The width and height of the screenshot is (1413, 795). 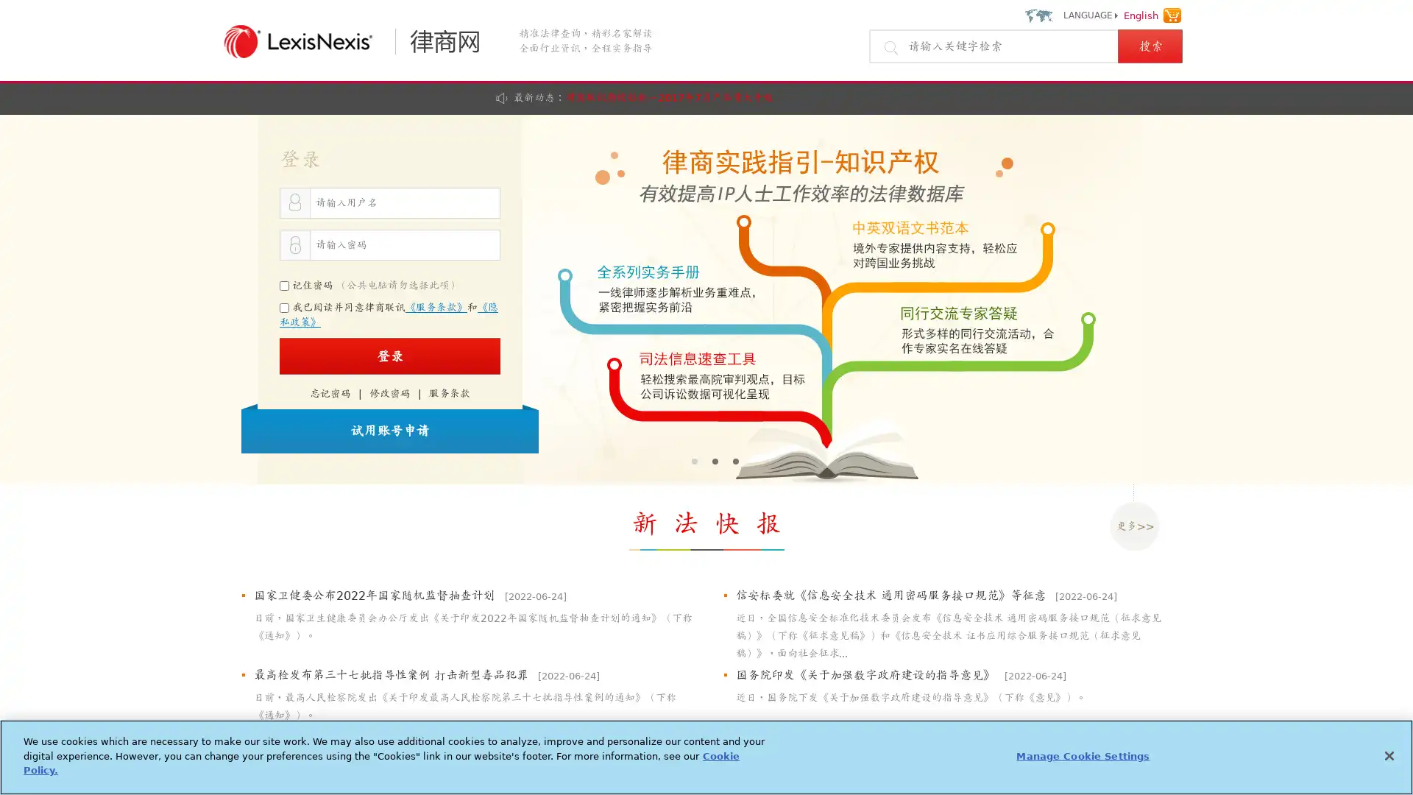 What do you see at coordinates (1388, 755) in the screenshot?
I see `Close` at bounding box center [1388, 755].